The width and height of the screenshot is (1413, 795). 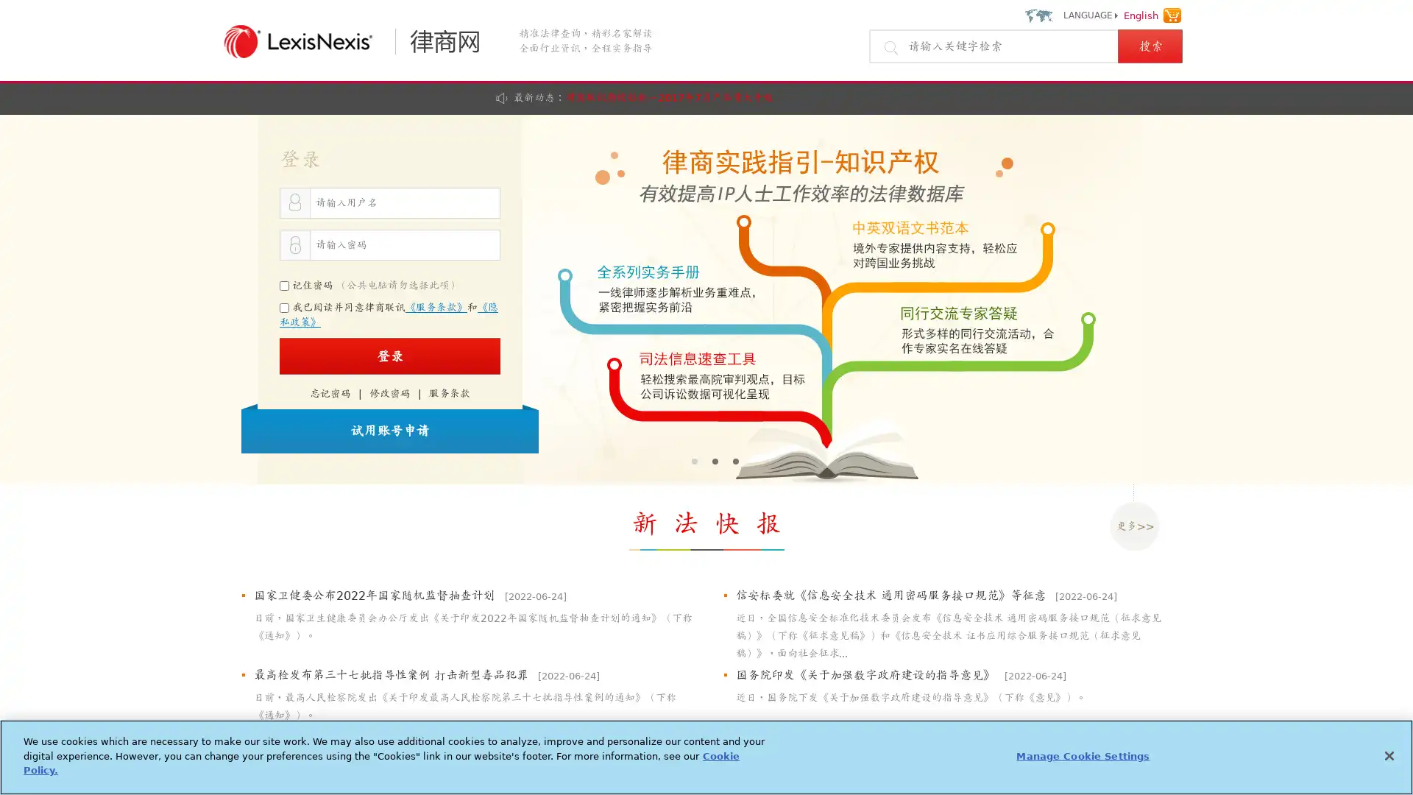 What do you see at coordinates (1388, 755) in the screenshot?
I see `Close` at bounding box center [1388, 755].